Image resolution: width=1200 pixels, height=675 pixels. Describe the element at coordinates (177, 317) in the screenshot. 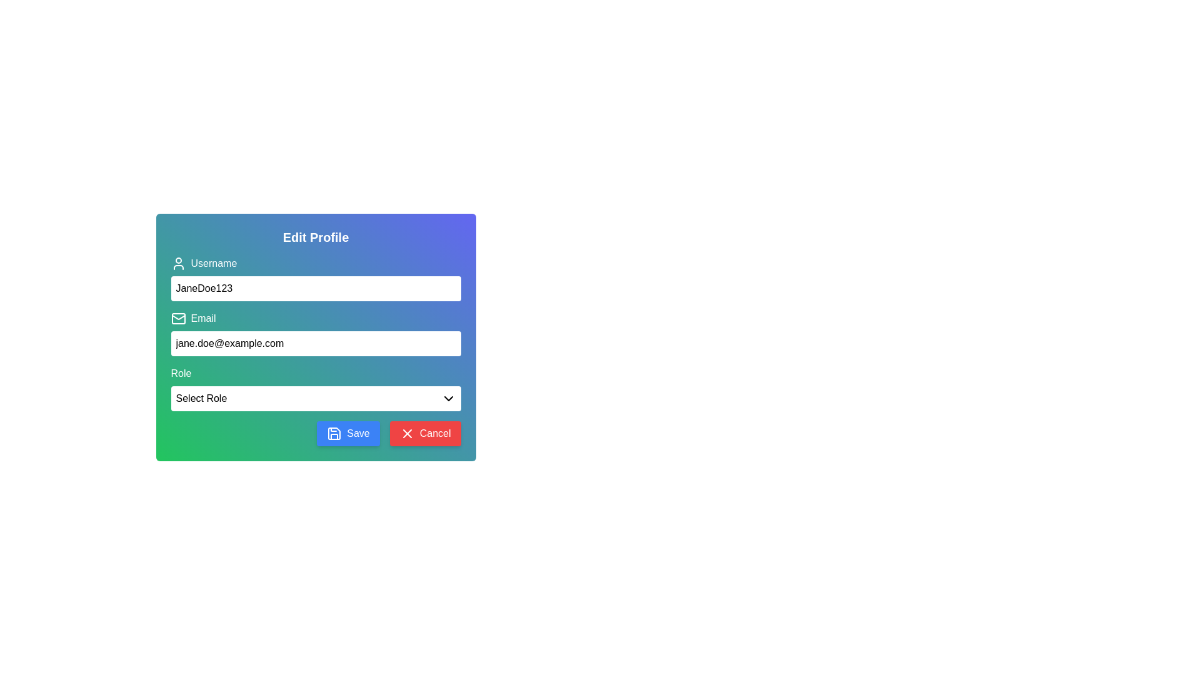

I see `the SVG graphical element representing an envelope, which is part of the 'Email' field, located to the left of the text input box labeled 'Email'` at that location.